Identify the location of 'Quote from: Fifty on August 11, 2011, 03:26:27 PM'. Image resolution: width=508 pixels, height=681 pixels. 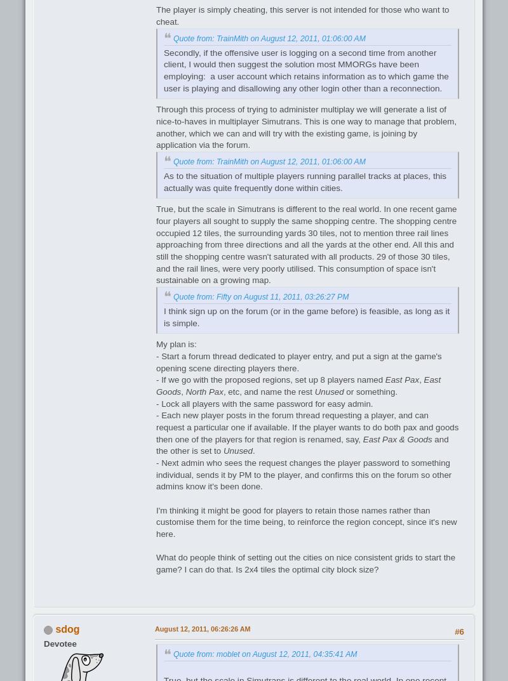
(261, 296).